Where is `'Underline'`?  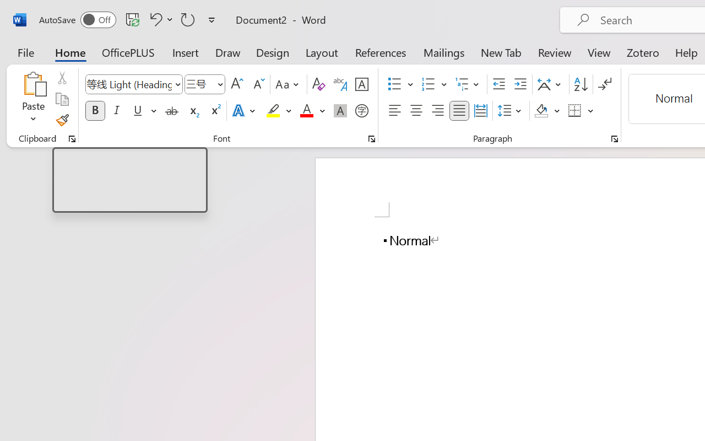
'Underline' is located at coordinates (137, 111).